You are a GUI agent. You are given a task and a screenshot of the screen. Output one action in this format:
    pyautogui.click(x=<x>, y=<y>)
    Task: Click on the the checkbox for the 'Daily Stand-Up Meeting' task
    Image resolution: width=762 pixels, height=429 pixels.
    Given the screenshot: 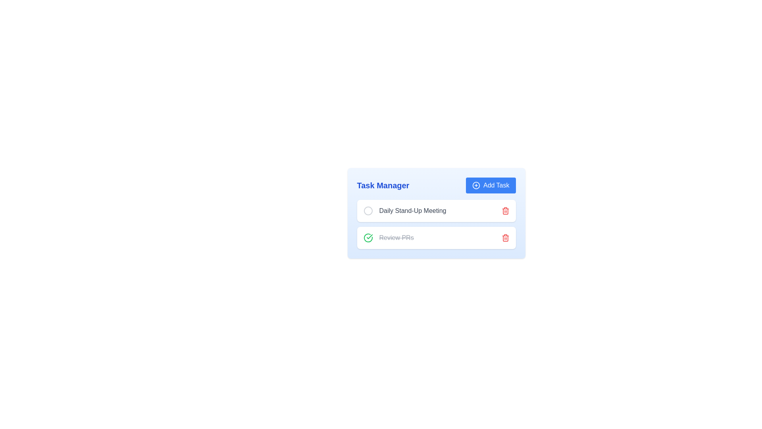 What is the action you would take?
    pyautogui.click(x=368, y=211)
    